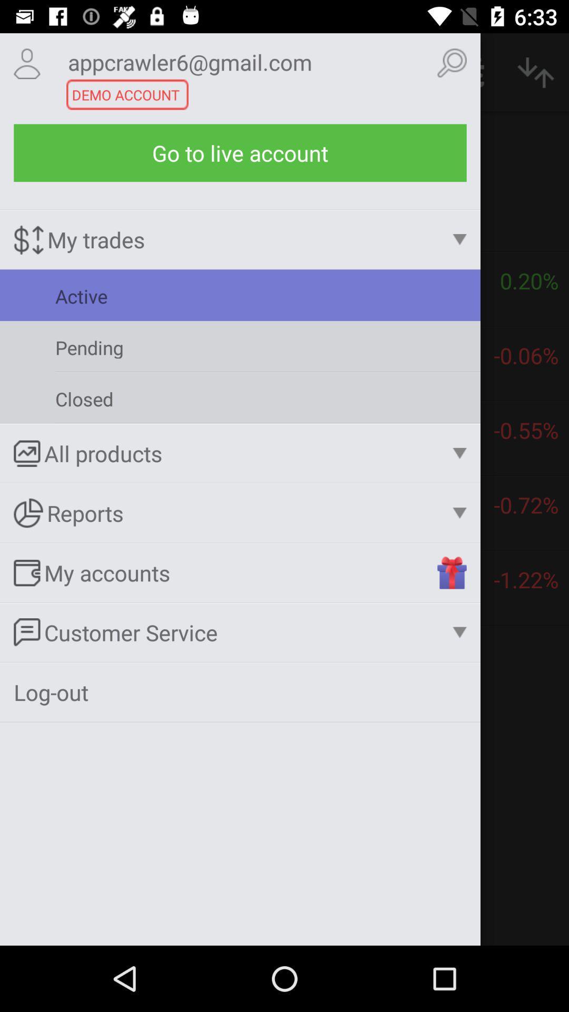  Describe the element at coordinates (240, 397) in the screenshot. I see `demo account which is above go to live account` at that location.